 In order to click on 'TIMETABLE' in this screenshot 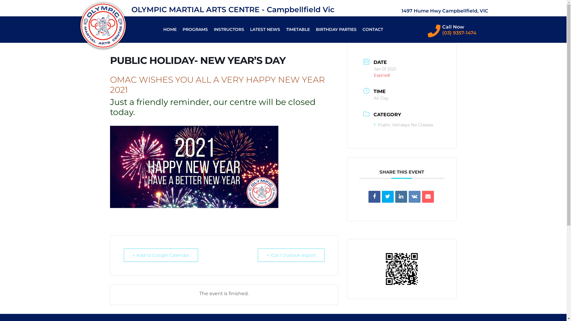, I will do `click(283, 29)`.